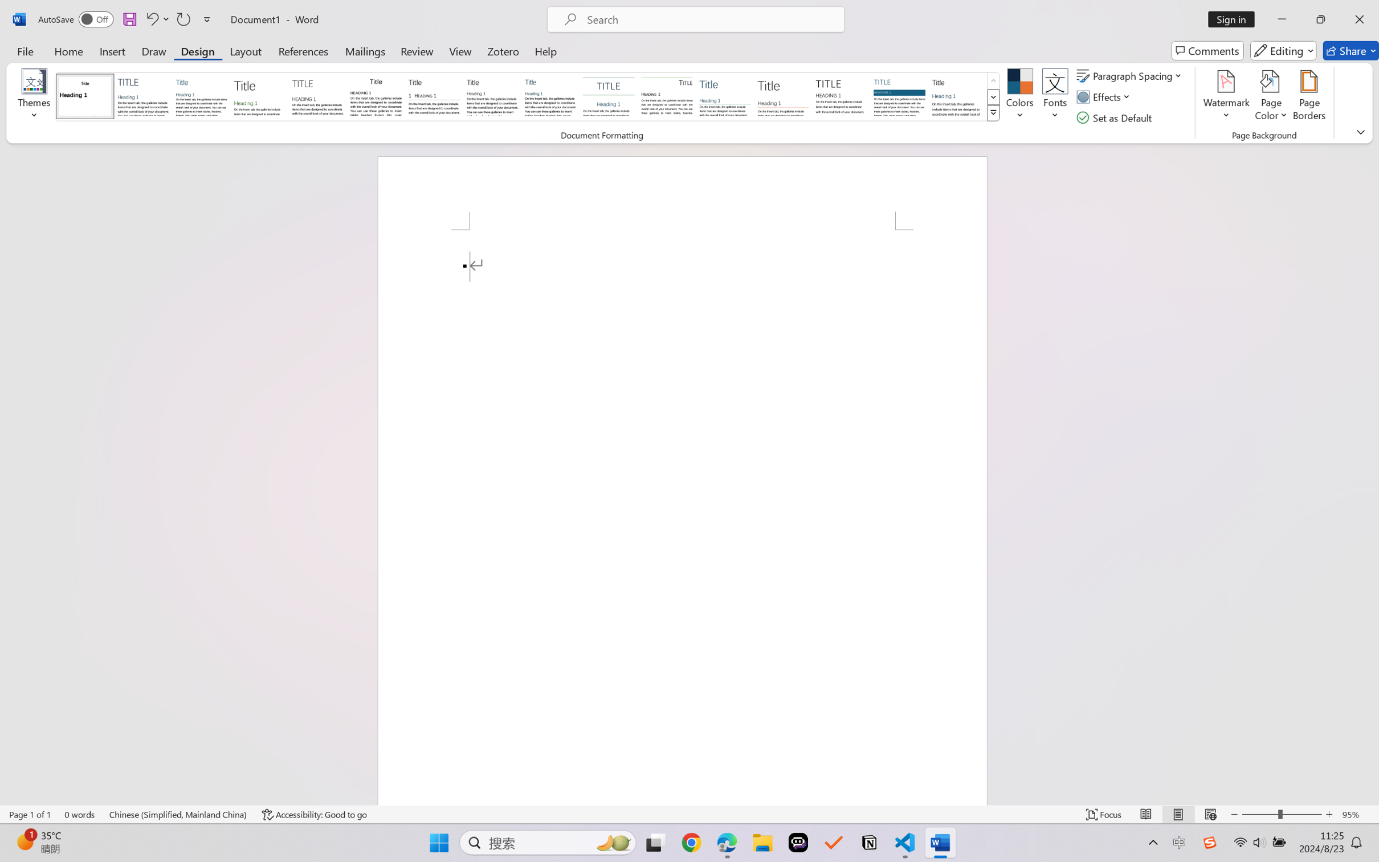 Image resolution: width=1379 pixels, height=862 pixels. I want to click on 'Editing', so click(1284, 50).